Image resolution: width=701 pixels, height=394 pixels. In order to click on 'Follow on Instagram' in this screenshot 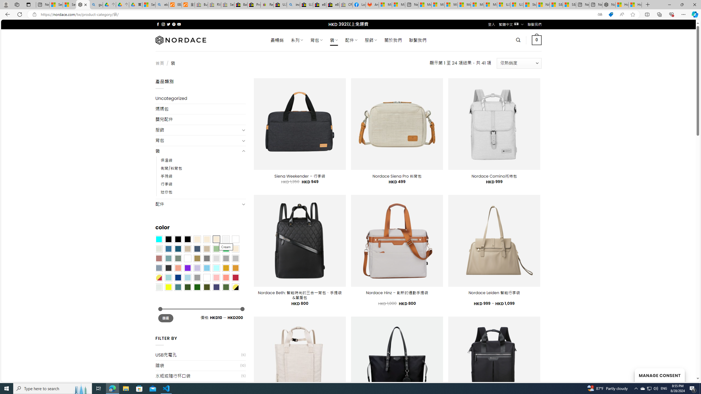, I will do `click(163, 24)`.